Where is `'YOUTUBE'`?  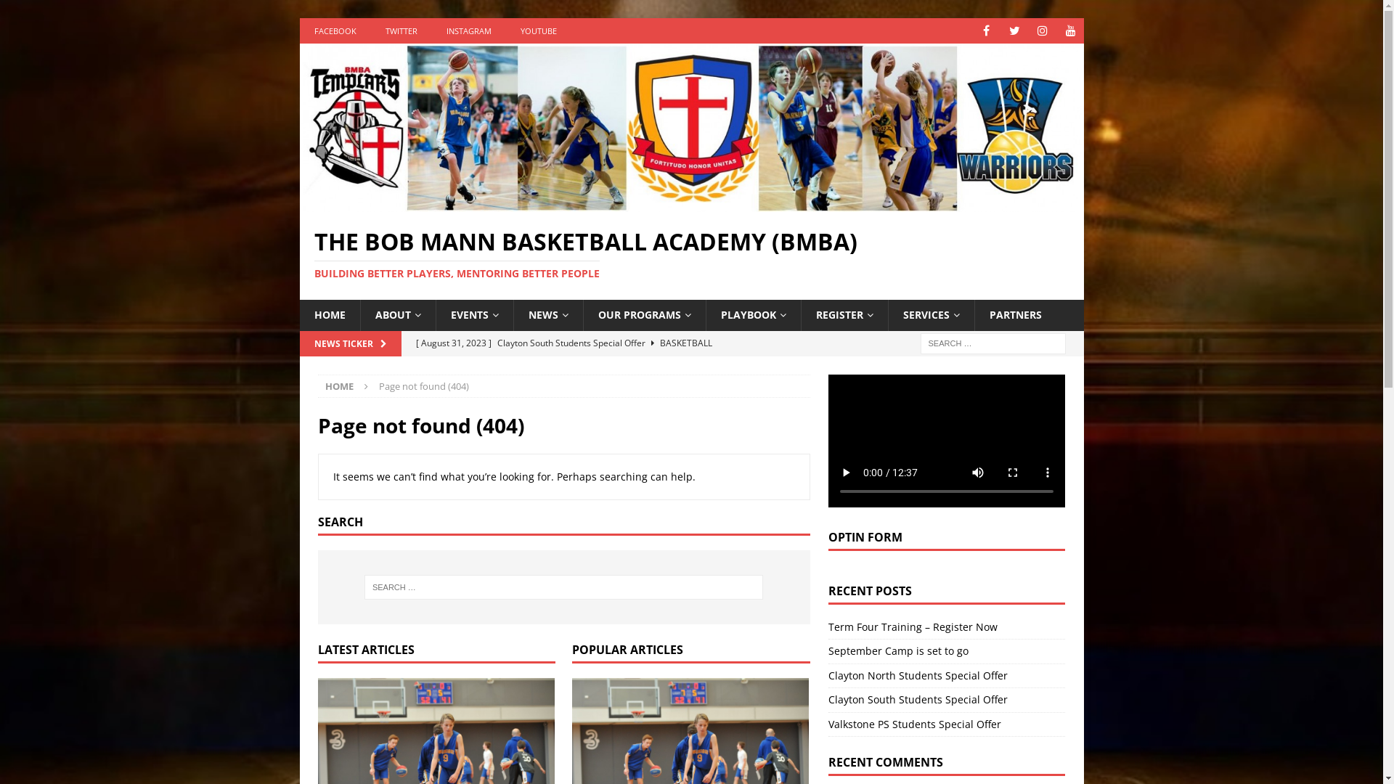
'YOUTUBE' is located at coordinates (505, 30).